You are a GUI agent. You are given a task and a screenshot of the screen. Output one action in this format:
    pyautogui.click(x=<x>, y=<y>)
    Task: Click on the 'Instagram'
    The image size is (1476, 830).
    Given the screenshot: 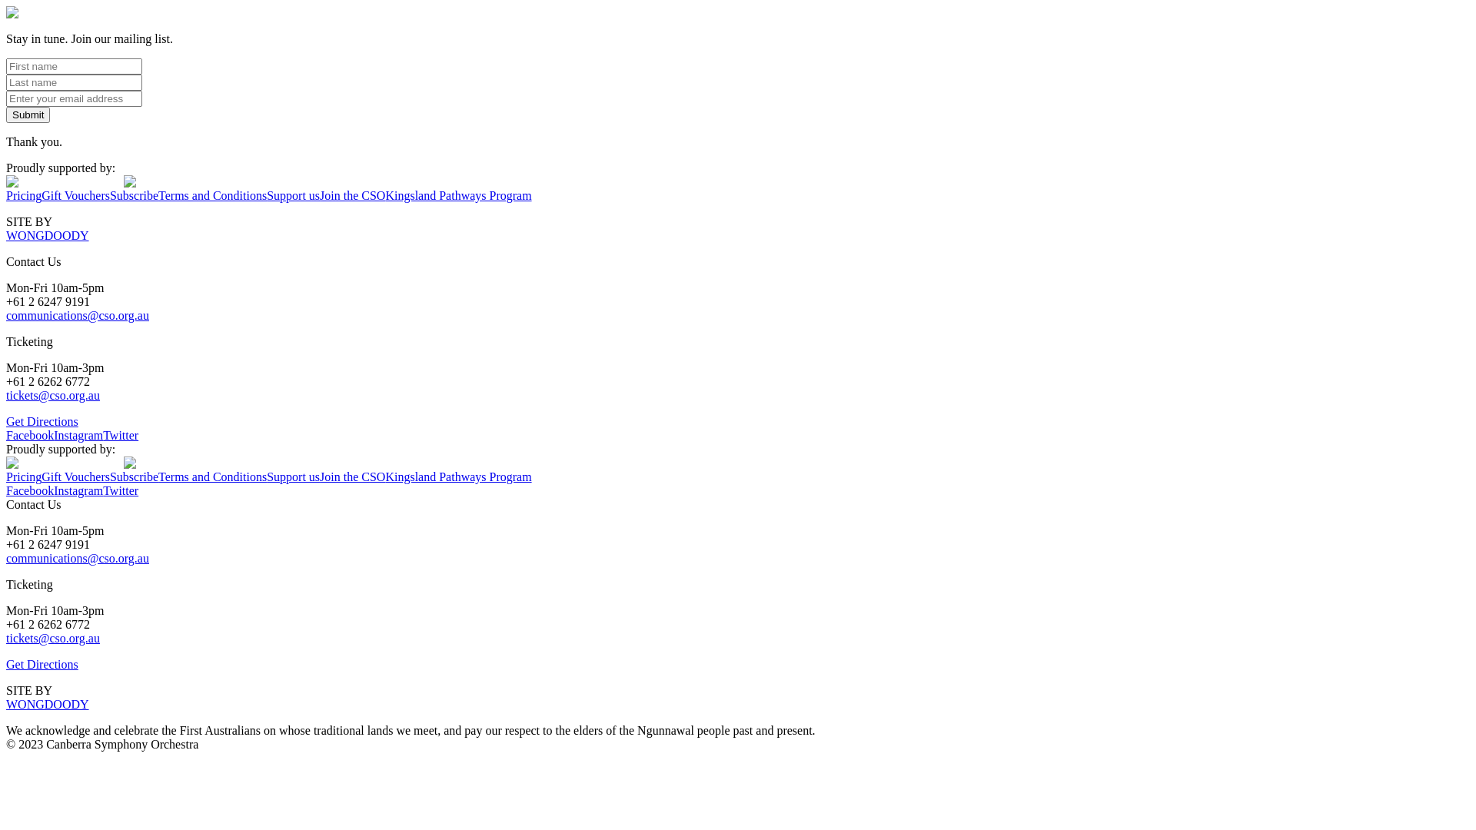 What is the action you would take?
    pyautogui.click(x=77, y=490)
    